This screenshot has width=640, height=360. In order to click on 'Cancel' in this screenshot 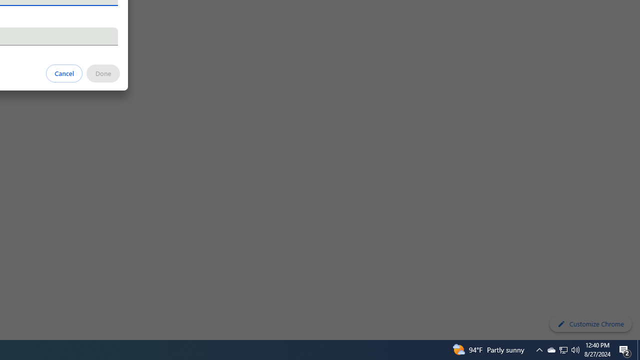, I will do `click(64, 72)`.